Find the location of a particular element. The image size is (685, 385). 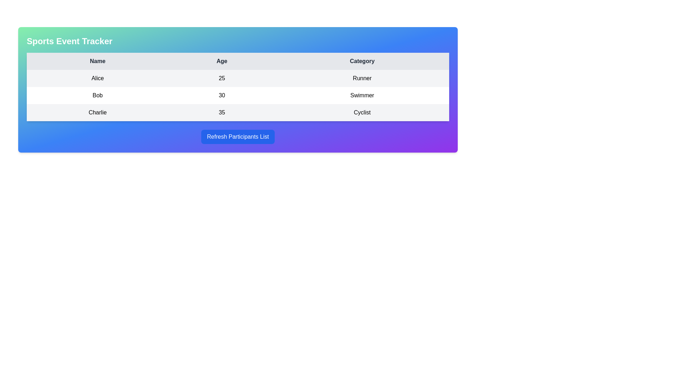

the role of the 'Name' column header is located at coordinates (97, 61).